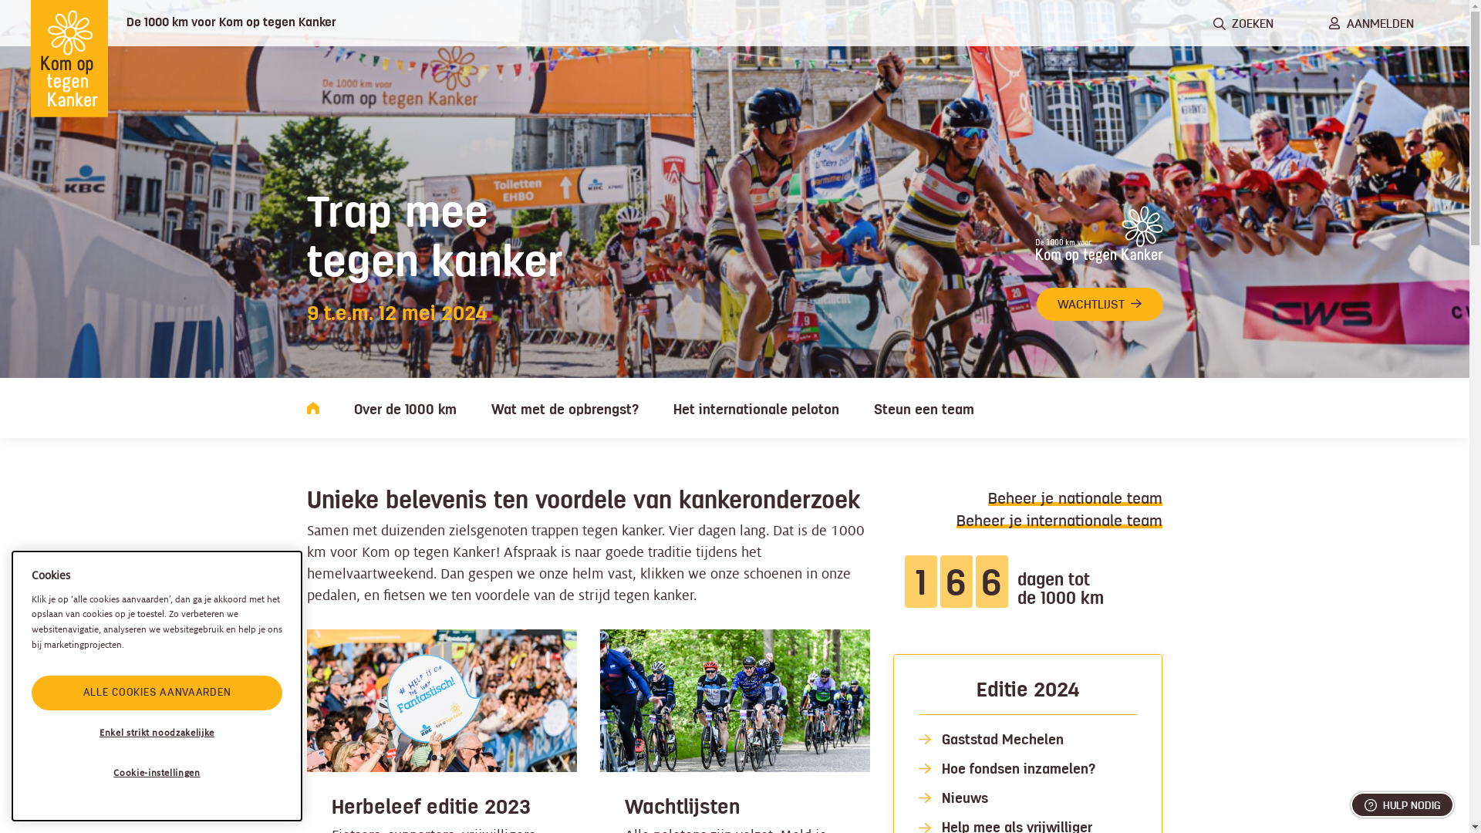  What do you see at coordinates (1402, 804) in the screenshot?
I see `'HULP NODIG'` at bounding box center [1402, 804].